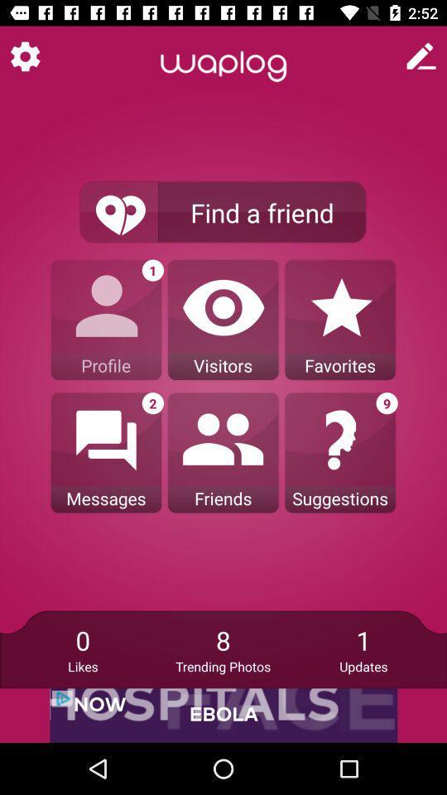 The width and height of the screenshot is (447, 795). What do you see at coordinates (421, 56) in the screenshot?
I see `editing` at bounding box center [421, 56].